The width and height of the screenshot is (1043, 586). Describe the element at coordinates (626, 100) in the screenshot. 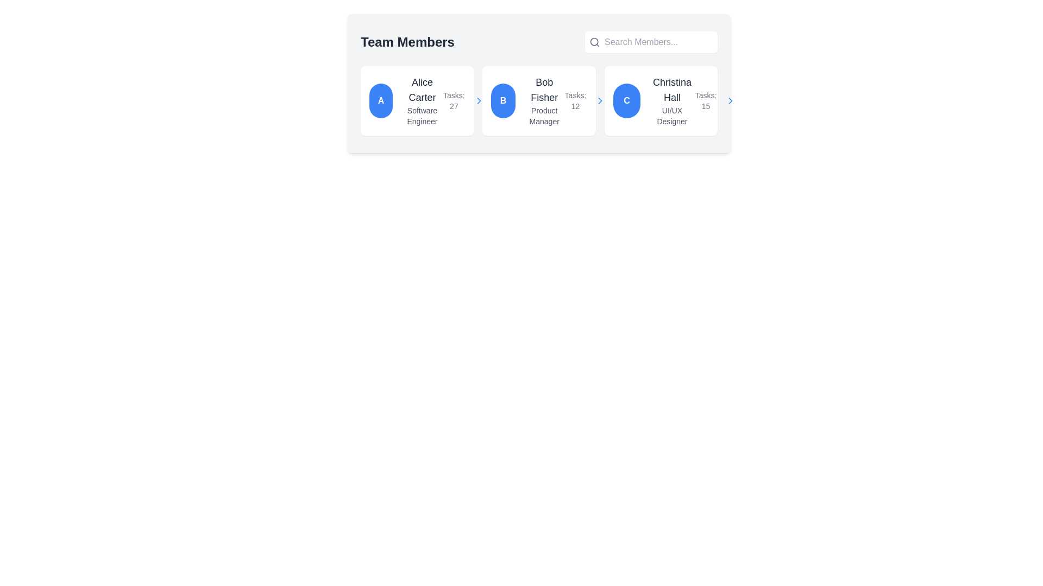

I see `the circular profile icon featuring a bold white 'C' on a blue background, representing Christina Hall, UI/UX Designer` at that location.